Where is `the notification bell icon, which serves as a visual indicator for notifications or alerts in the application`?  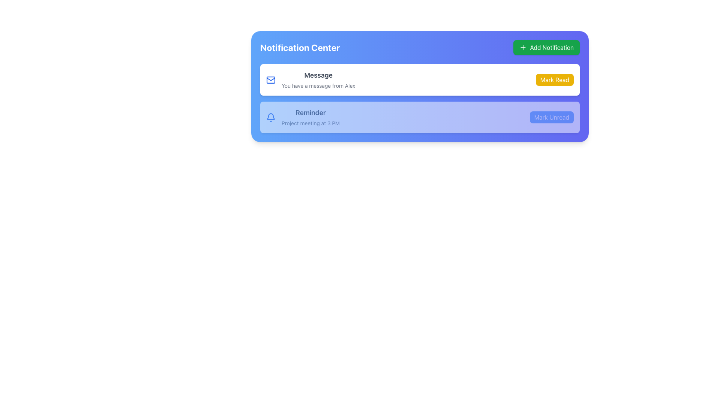 the notification bell icon, which serves as a visual indicator for notifications or alerts in the application is located at coordinates (270, 116).